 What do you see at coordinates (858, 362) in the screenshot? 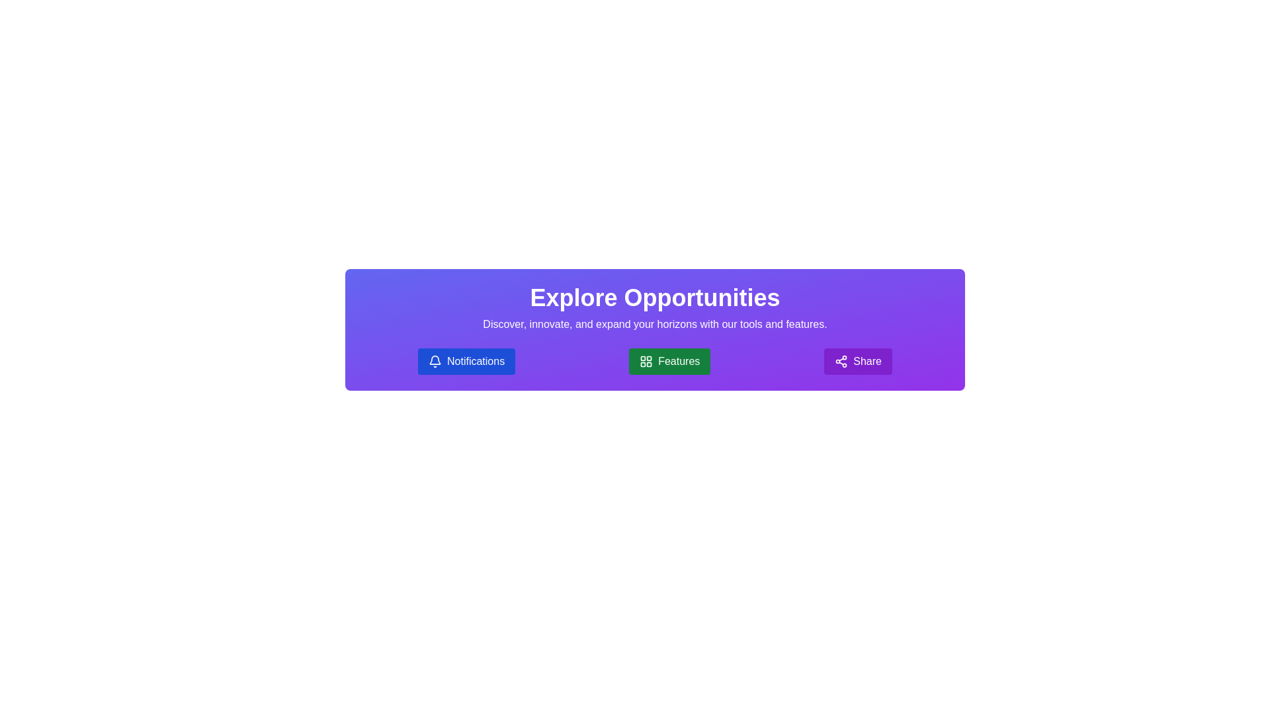
I see `the third button in a horizontal group of three buttons, which enables sharing functionalities` at bounding box center [858, 362].